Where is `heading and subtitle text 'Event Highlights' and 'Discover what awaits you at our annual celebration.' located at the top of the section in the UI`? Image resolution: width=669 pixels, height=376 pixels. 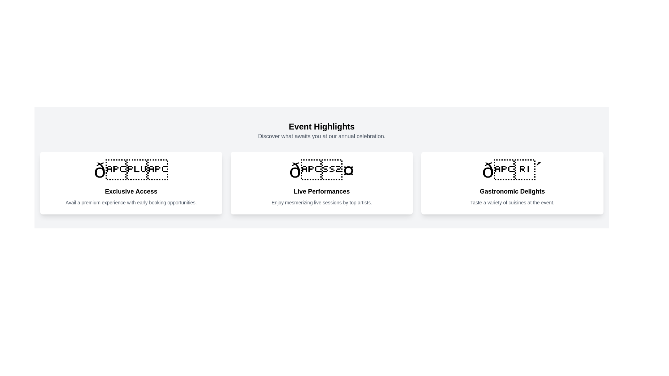 heading and subtitle text 'Event Highlights' and 'Discover what awaits you at our annual celebration.' located at the top of the section in the UI is located at coordinates (321, 131).